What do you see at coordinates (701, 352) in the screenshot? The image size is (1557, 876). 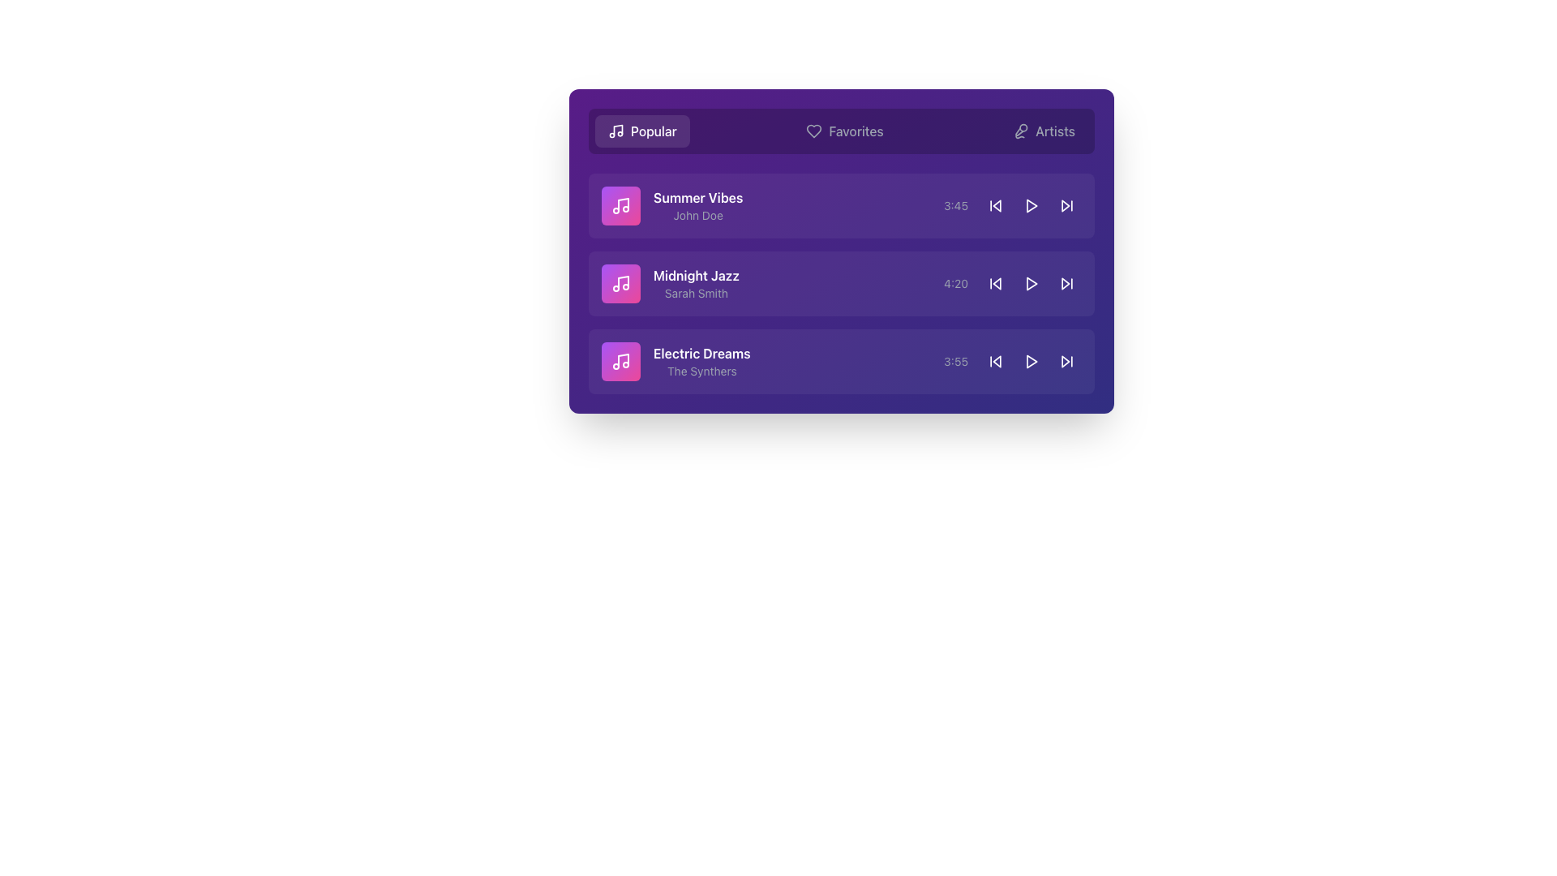 I see `the title of the song, which is the third item in the music list interface` at bounding box center [701, 352].